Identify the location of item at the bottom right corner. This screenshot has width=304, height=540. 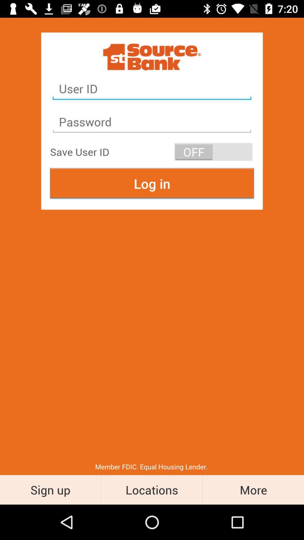
(253, 489).